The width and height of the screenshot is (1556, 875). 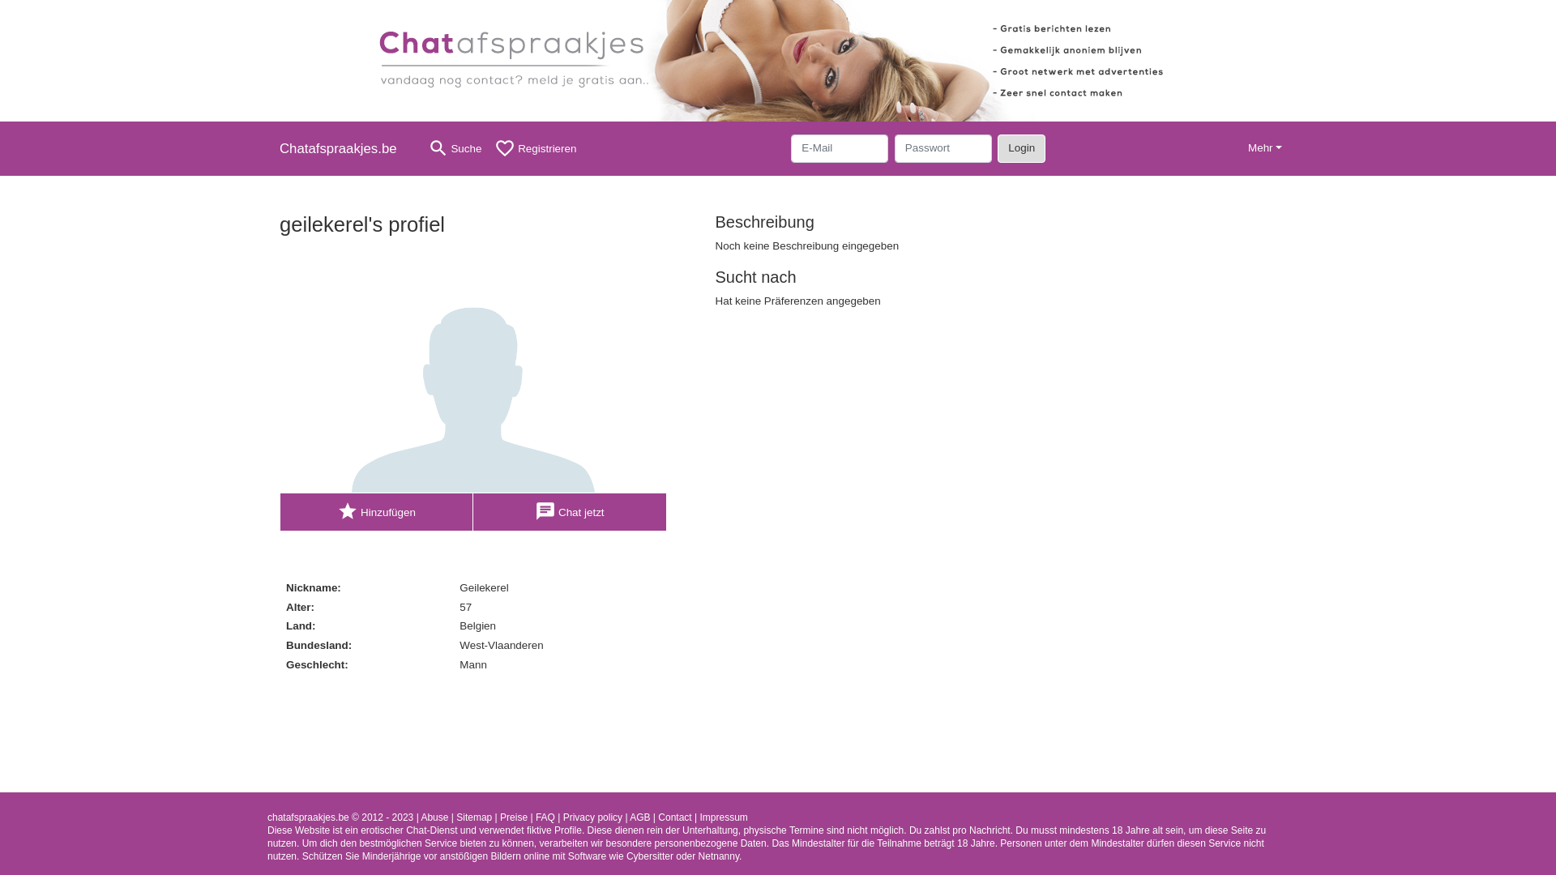 I want to click on 'FAQ', so click(x=545, y=817).